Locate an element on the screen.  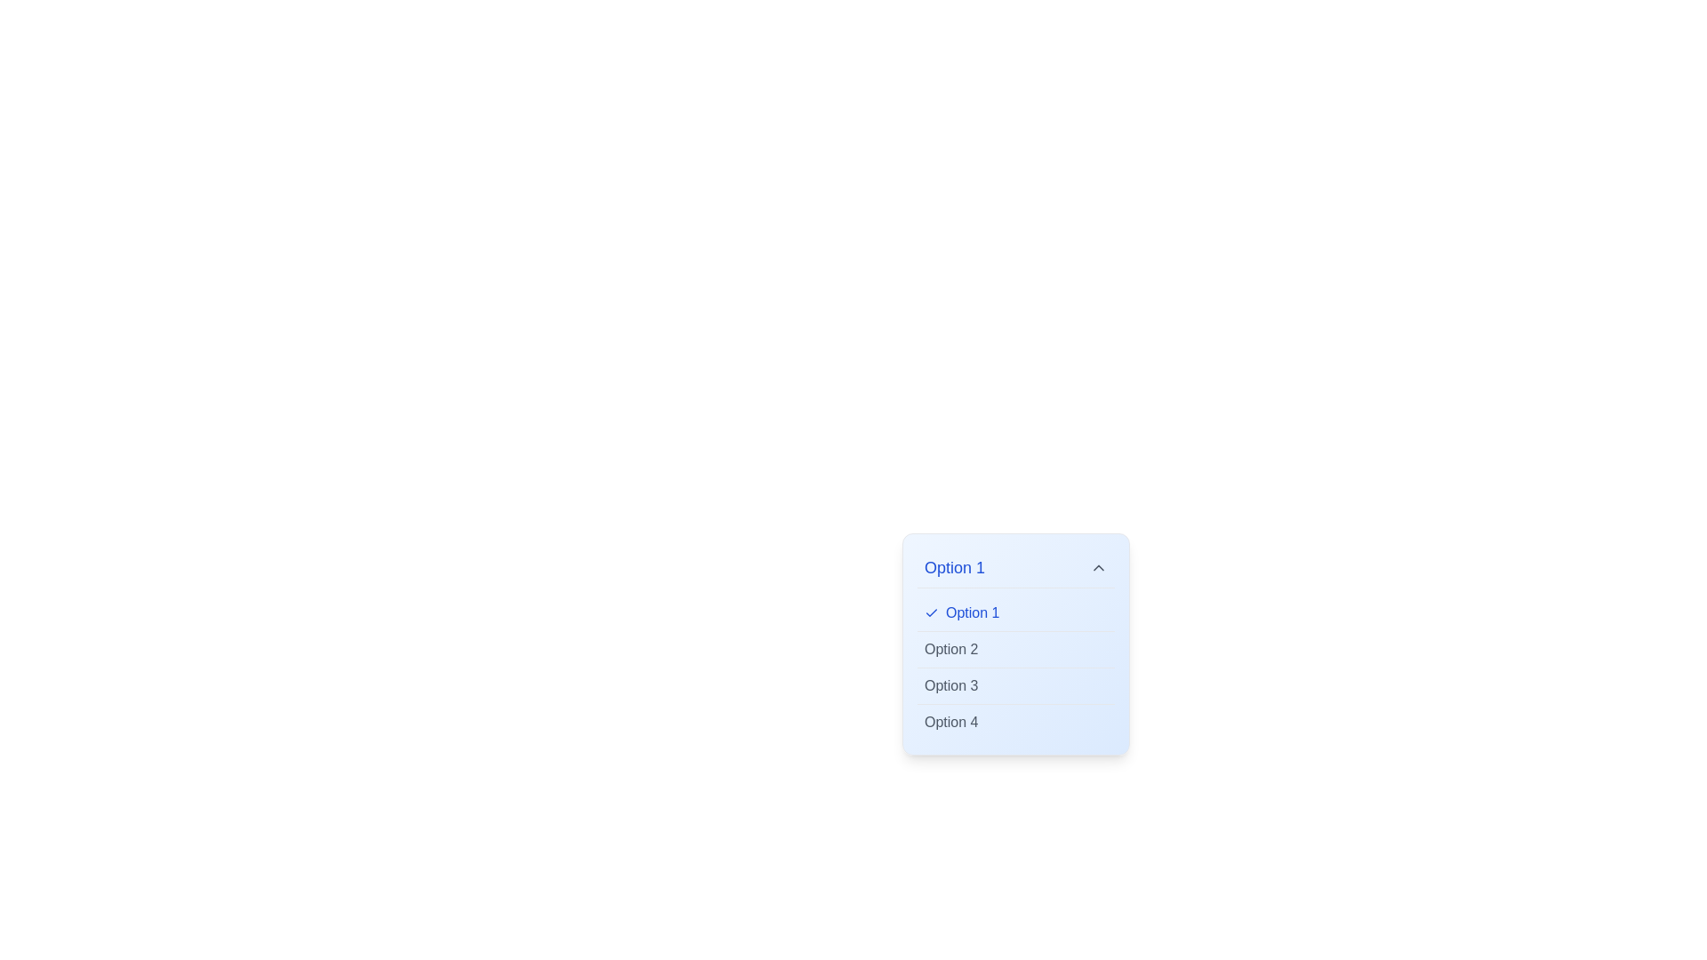
the second option in the dropdown menu beneath 'Option 1', which has a light blue gradient background and is part of a vertical list of selectable options is located at coordinates (1015, 644).